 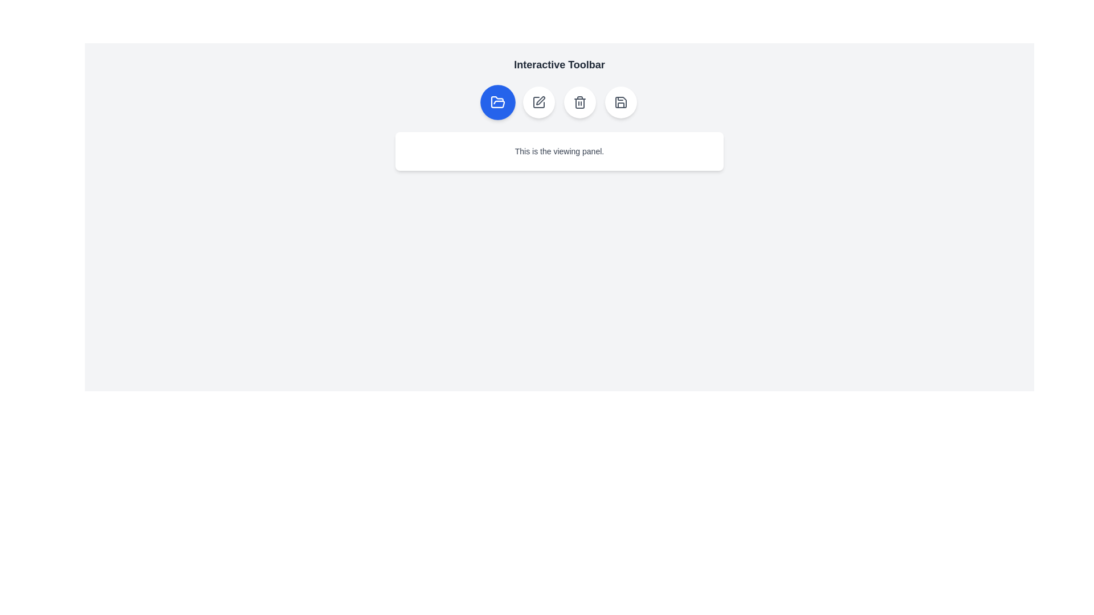 What do you see at coordinates (579, 102) in the screenshot?
I see `the trash can icon, which is the third icon from the left in the top toolbar` at bounding box center [579, 102].